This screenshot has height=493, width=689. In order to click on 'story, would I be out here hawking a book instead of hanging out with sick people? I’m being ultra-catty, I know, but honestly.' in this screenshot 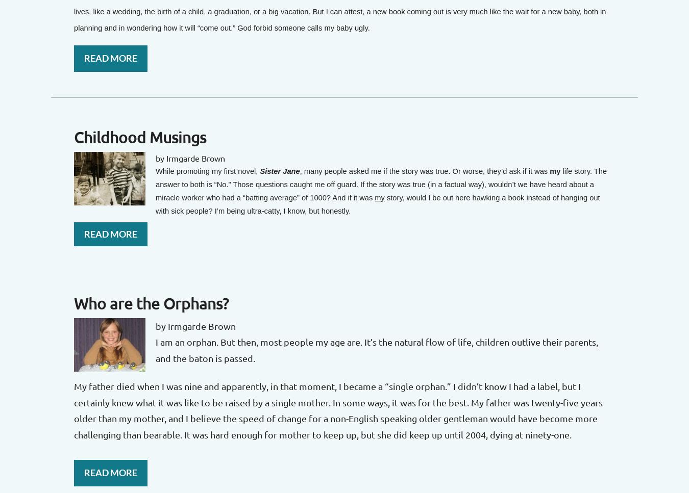, I will do `click(377, 204)`.